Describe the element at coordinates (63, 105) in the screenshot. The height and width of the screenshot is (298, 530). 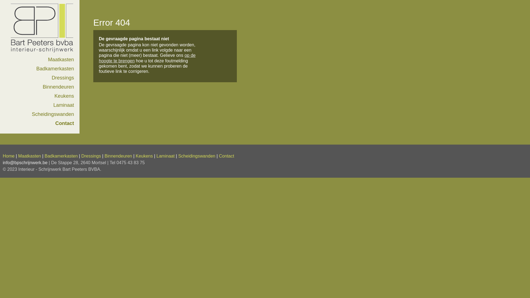
I see `'Laminaat'` at that location.